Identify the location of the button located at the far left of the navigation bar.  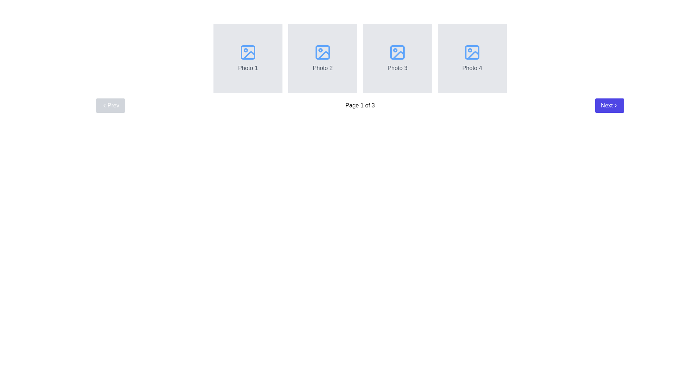
(110, 105).